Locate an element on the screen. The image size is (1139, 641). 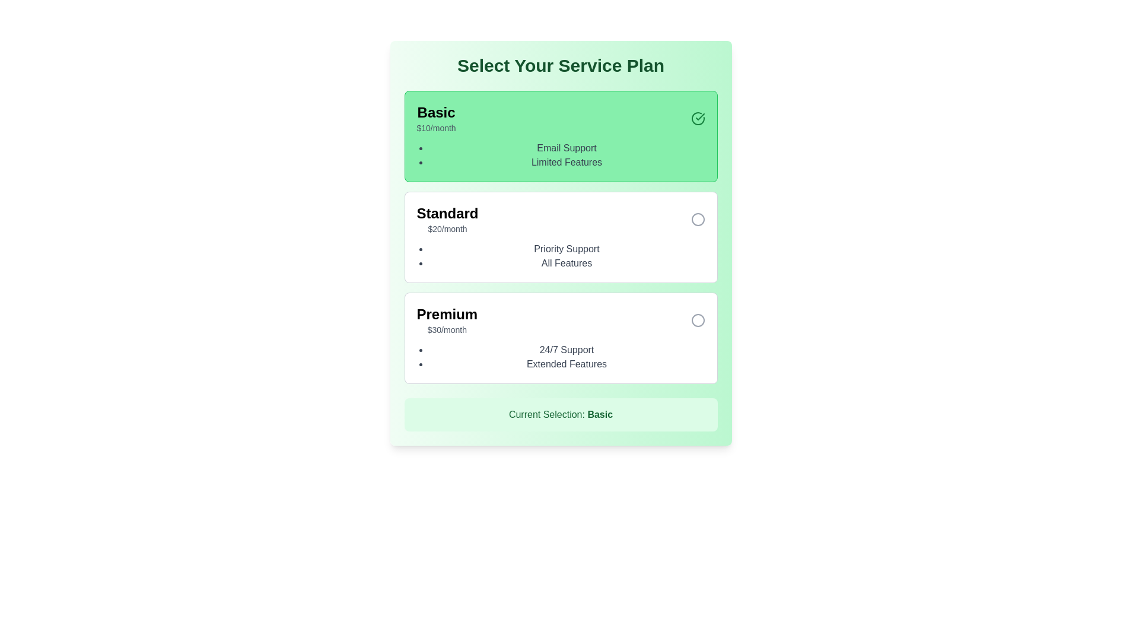
the bold, large, dark green heading text 'Select Your Service Plan' at the top of the service selection panel is located at coordinates (560, 66).